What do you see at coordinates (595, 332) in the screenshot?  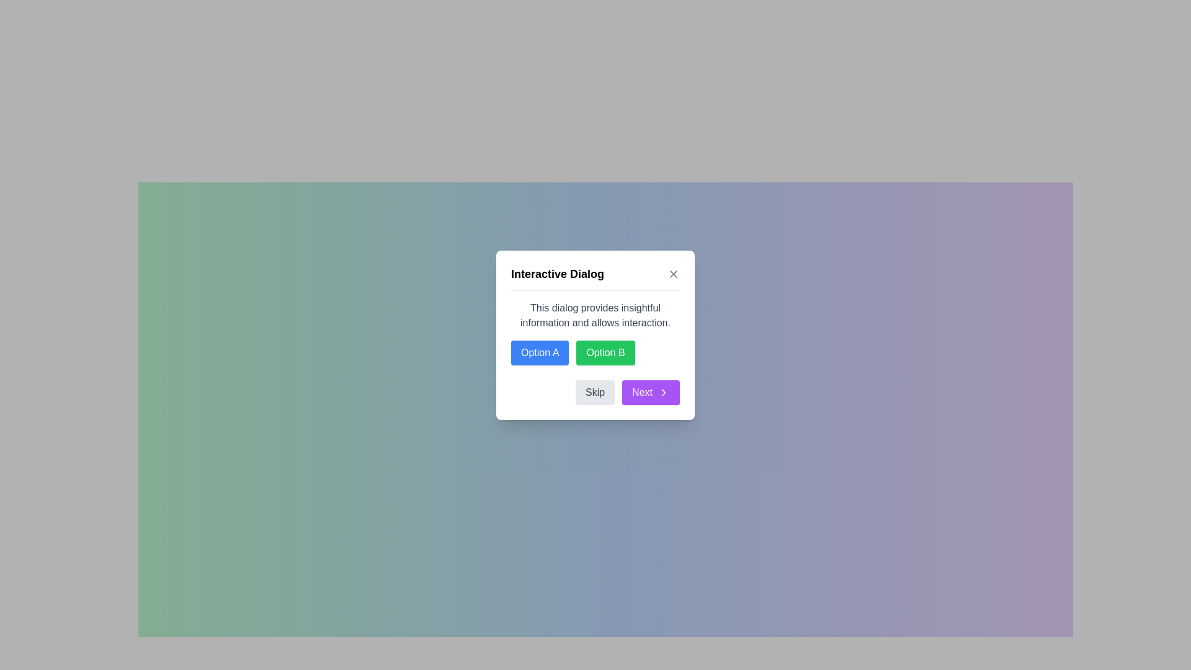 I see `the 'Option B' button located in the interactive dialog box under the header 'Interactive Dialog', which is styled in green and positioned horizontally next to 'Option A'` at bounding box center [595, 332].